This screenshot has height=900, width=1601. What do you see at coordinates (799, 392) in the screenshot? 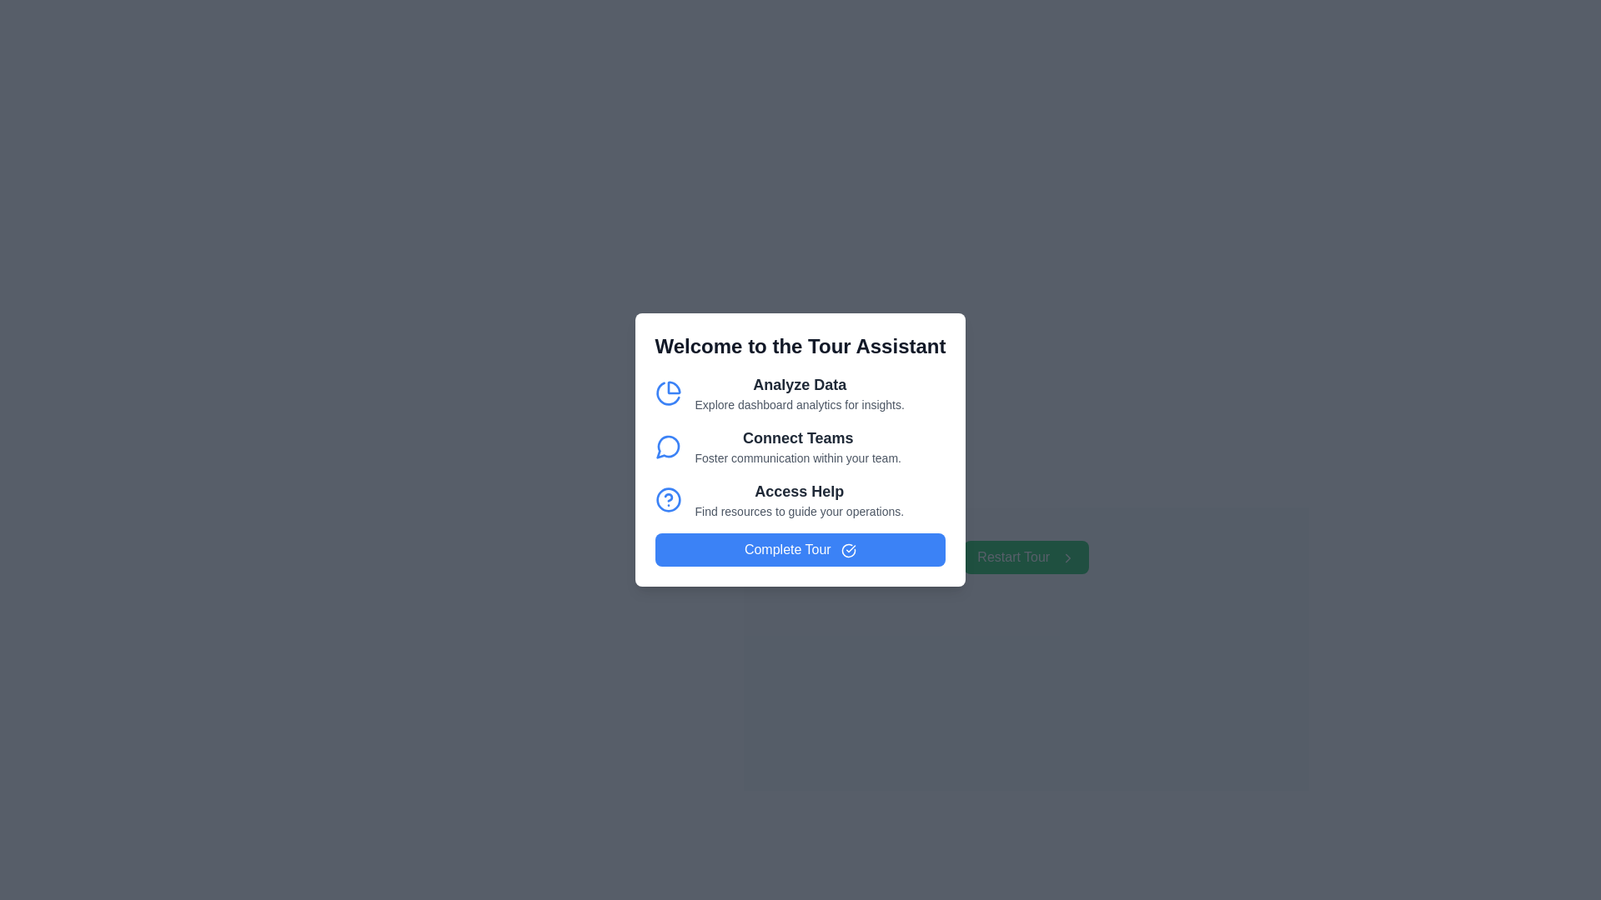
I see `text of the 'Analyze Data' heading and its description in the pop-up modal, which provides insights on dashboard analytics` at bounding box center [799, 392].